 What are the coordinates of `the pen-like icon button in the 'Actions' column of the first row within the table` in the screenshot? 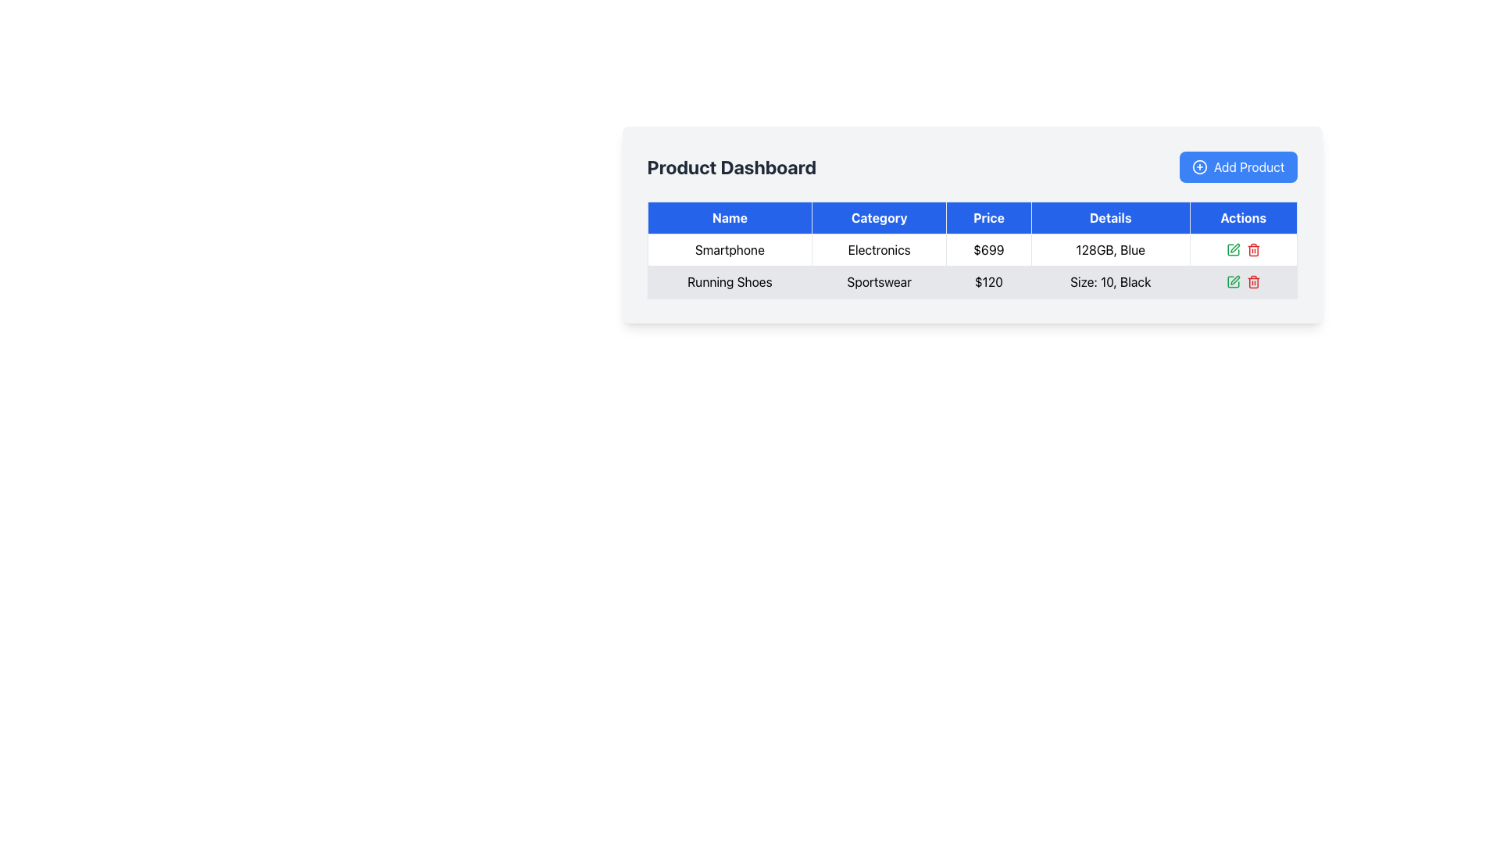 It's located at (1234, 247).